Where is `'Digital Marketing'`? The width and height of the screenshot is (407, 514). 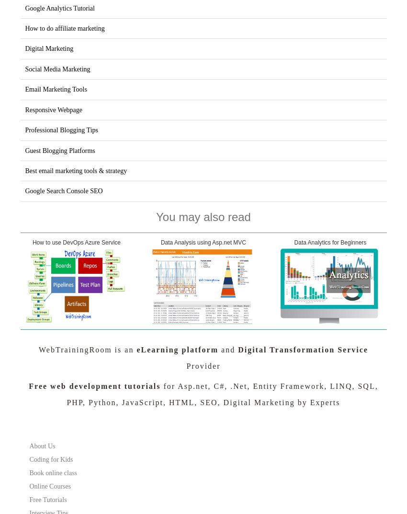
'Digital Marketing' is located at coordinates (25, 48).